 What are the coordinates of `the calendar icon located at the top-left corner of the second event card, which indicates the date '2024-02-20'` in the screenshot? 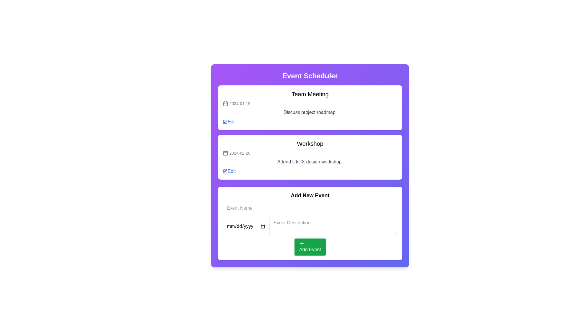 It's located at (225, 153).